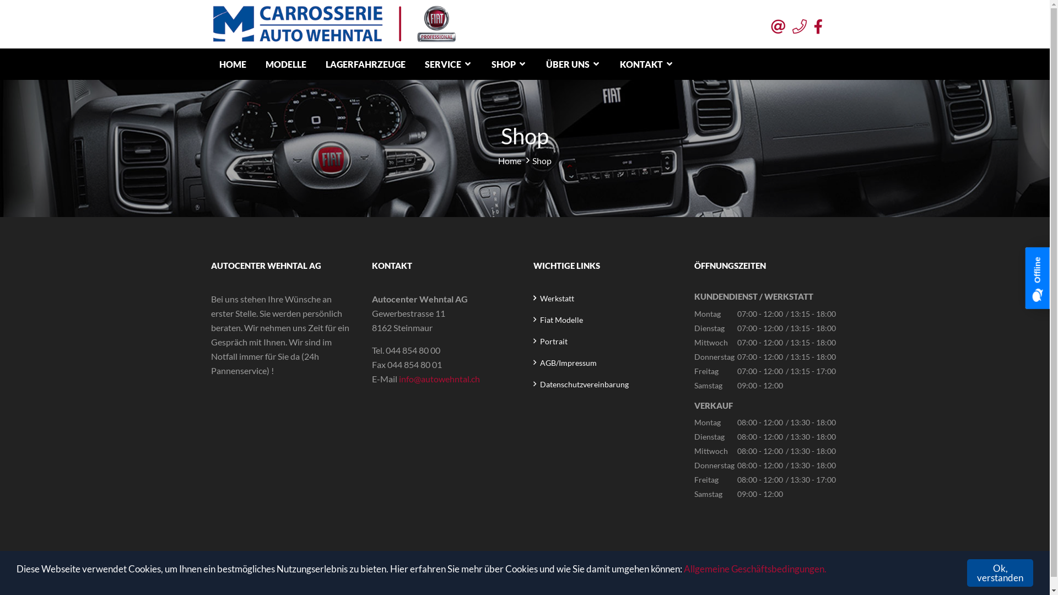 The image size is (1058, 595). What do you see at coordinates (317, 64) in the screenshot?
I see `'LAGERFAHRZEUGE'` at bounding box center [317, 64].